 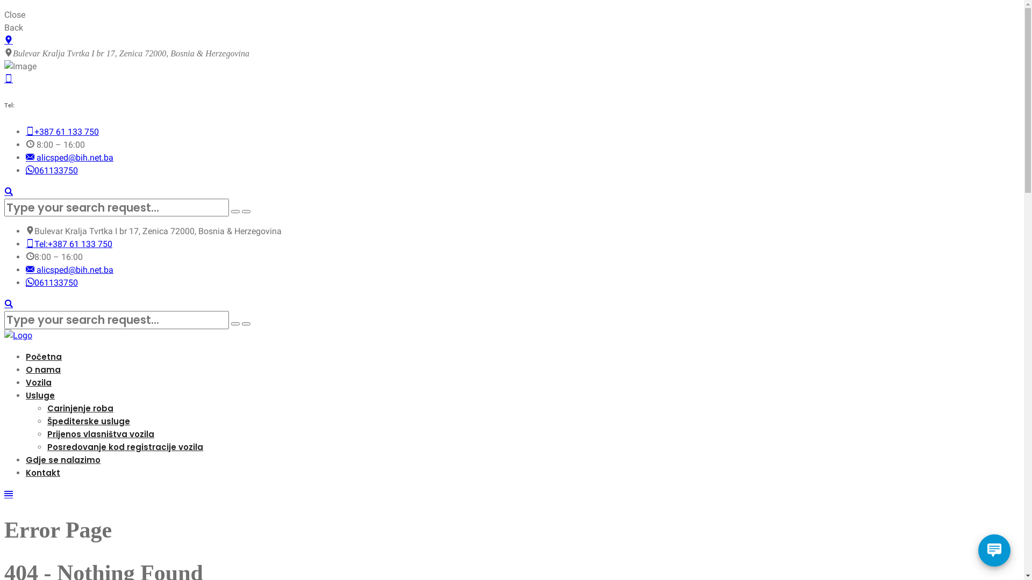 I want to click on '+387 61 133 750', so click(x=61, y=131).